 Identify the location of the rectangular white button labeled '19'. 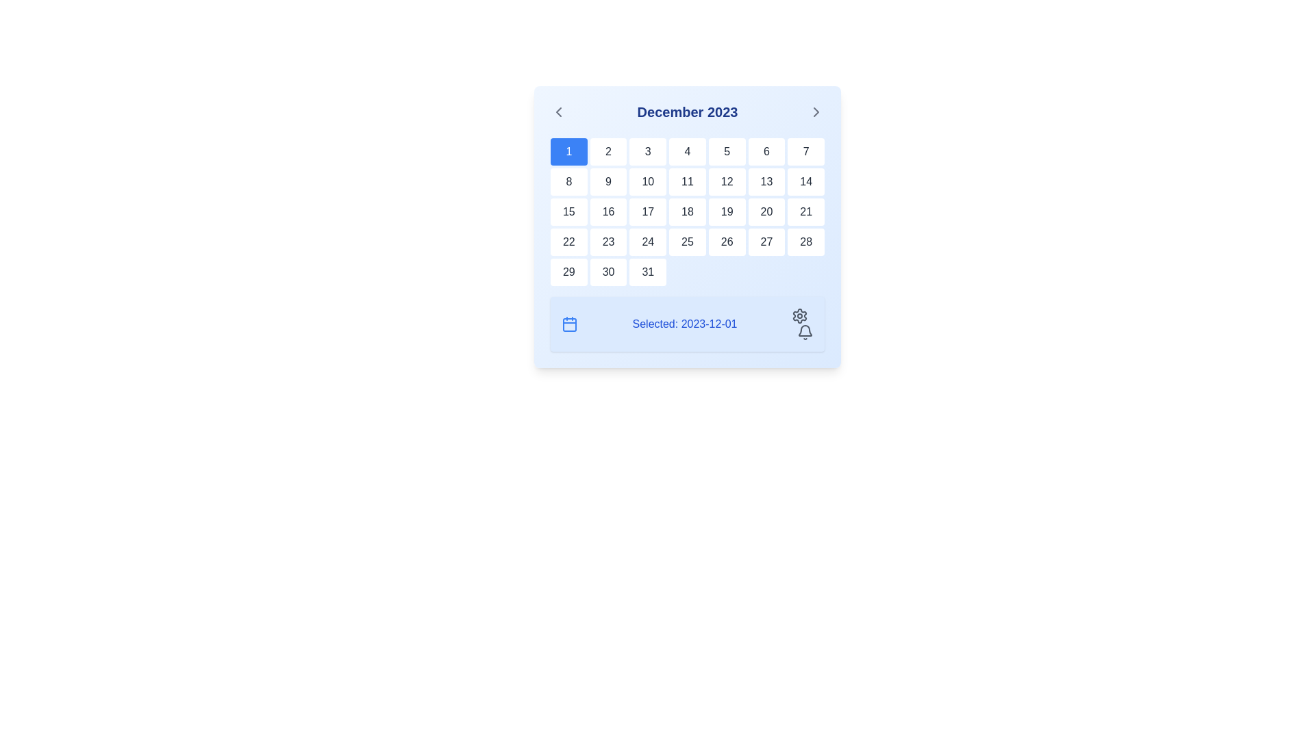
(726, 211).